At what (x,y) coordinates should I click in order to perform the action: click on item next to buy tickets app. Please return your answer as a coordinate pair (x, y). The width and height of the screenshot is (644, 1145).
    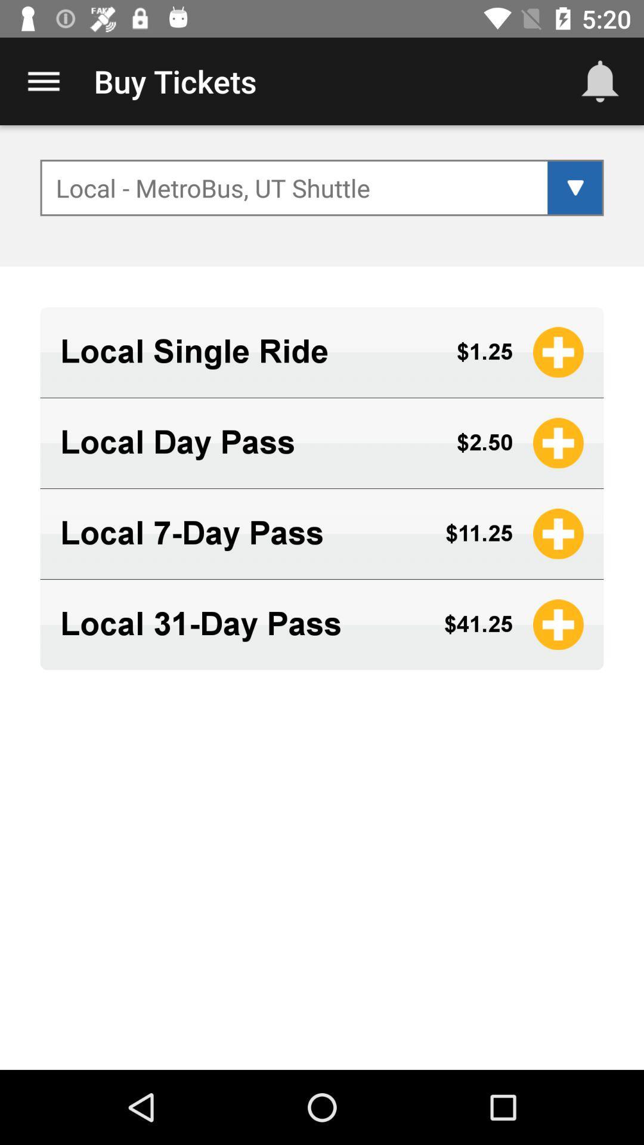
    Looking at the image, I should click on (600, 81).